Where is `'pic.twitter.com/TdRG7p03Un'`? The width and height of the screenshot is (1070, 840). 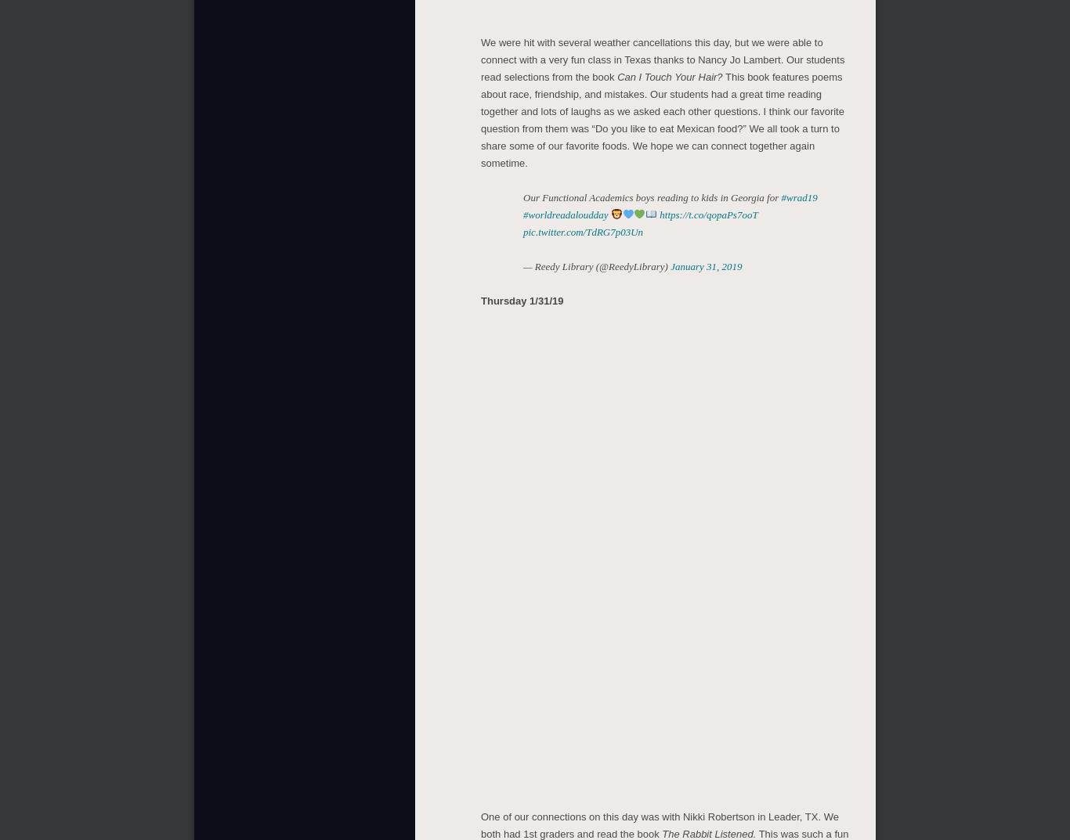
'pic.twitter.com/TdRG7p03Un' is located at coordinates (583, 228).